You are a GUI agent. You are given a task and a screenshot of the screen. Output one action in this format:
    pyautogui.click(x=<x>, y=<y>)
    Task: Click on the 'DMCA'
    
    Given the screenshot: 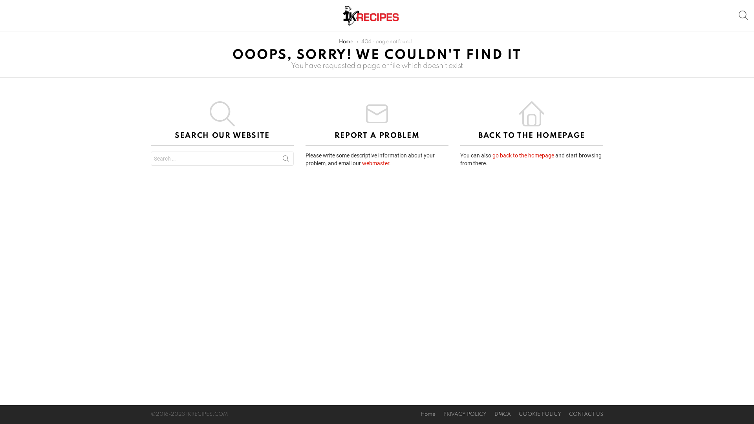 What is the action you would take?
    pyautogui.click(x=503, y=414)
    